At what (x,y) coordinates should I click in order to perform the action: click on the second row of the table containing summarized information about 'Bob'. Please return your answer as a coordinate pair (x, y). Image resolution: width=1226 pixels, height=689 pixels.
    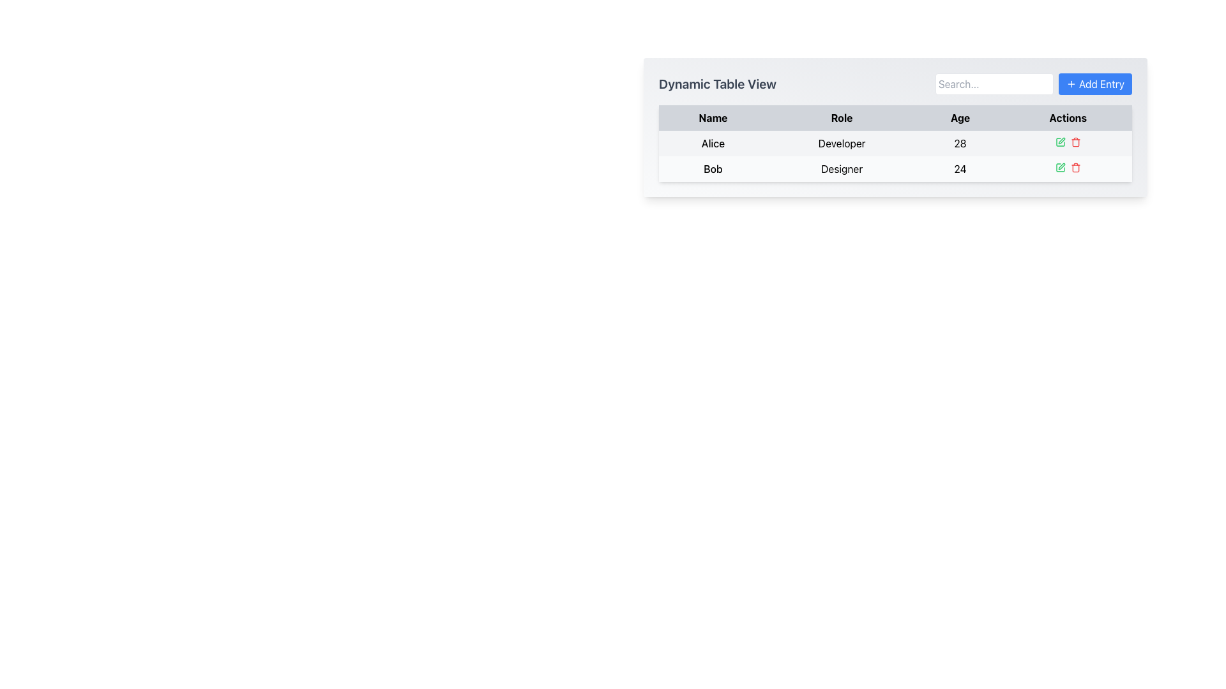
    Looking at the image, I should click on (895, 168).